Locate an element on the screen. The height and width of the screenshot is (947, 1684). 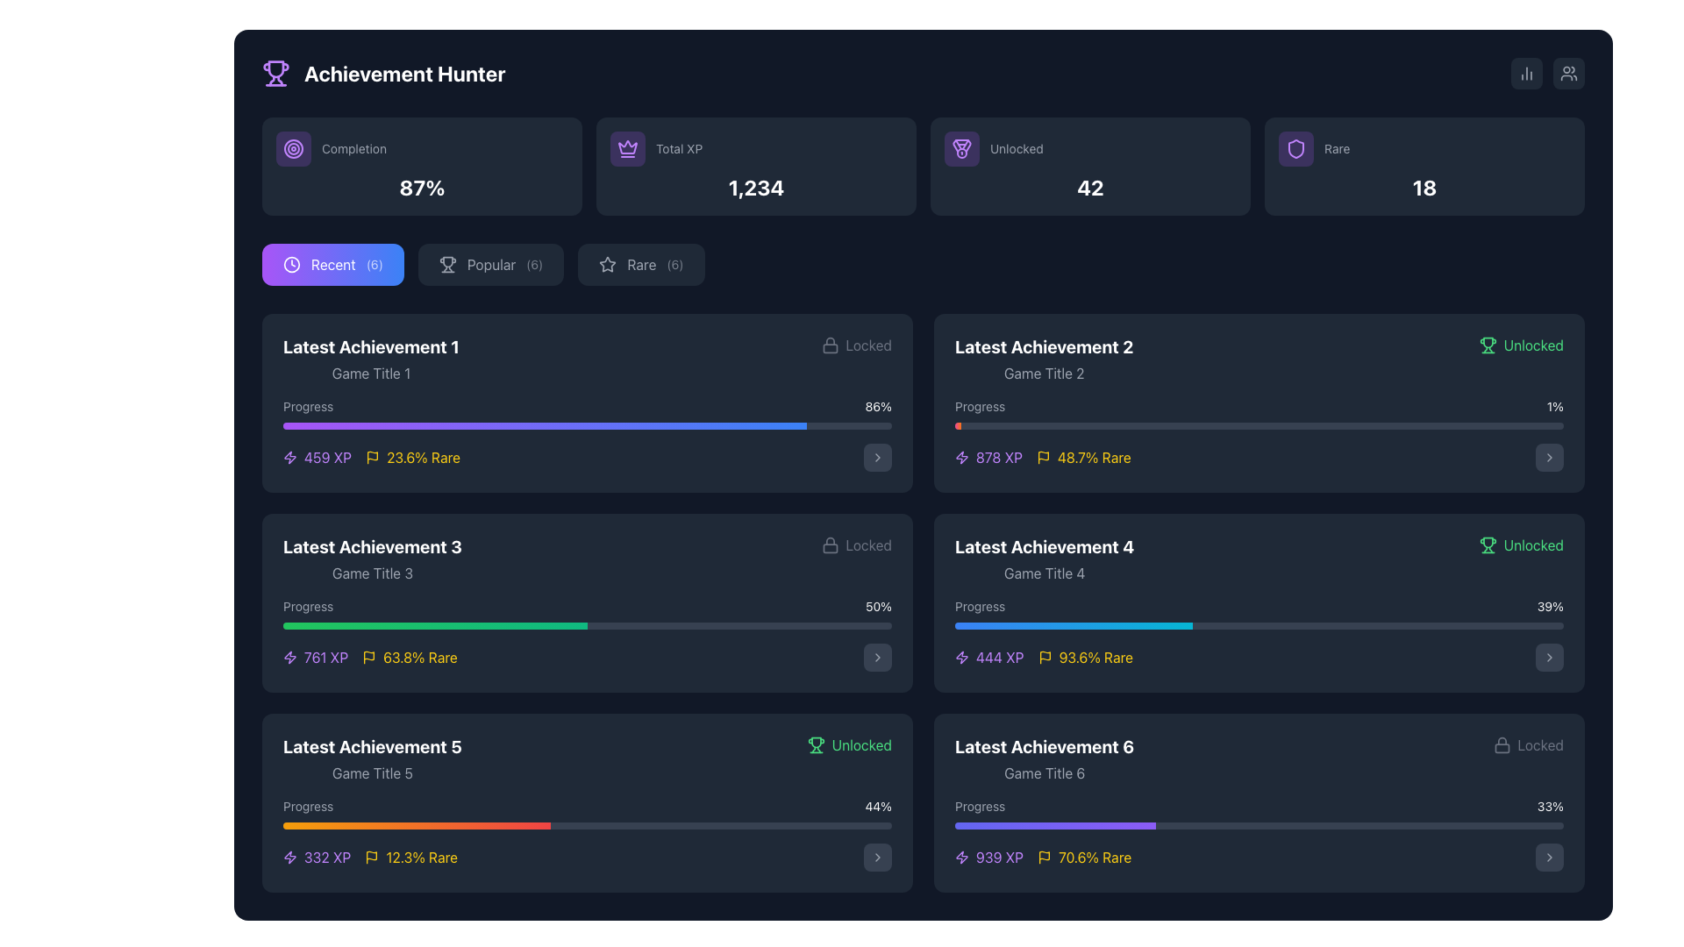
the bottom rectangular segment of the lock icon representing the 'locked' status within the 'Latest Achievement 6' widget is located at coordinates (1501, 748).